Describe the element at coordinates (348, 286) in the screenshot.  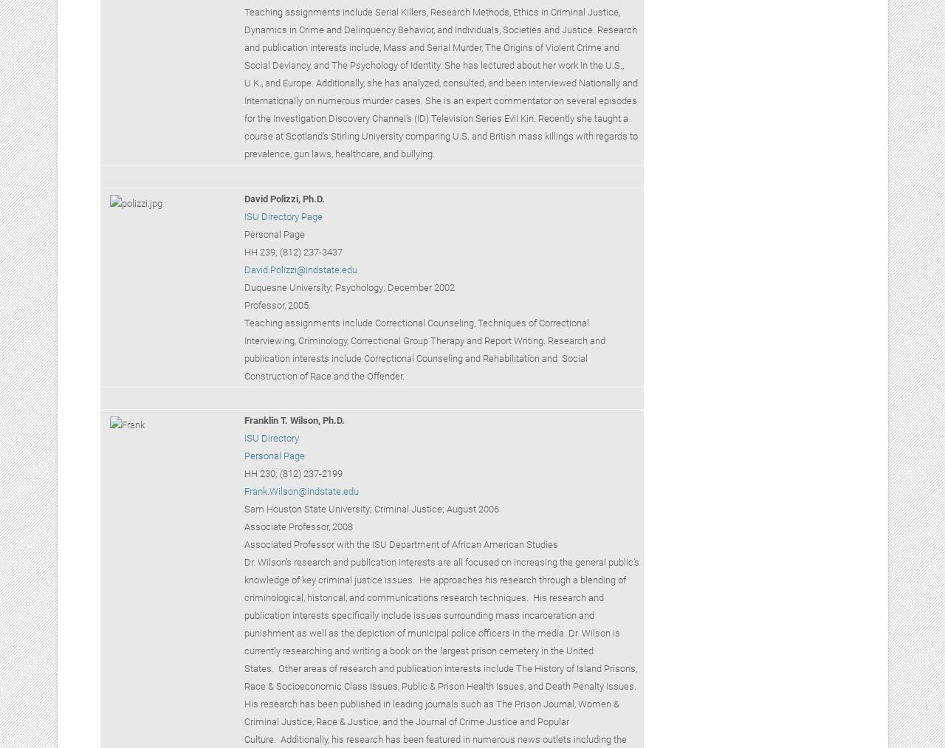
I see `'Duquesne University; Psychology; December 2002'` at that location.